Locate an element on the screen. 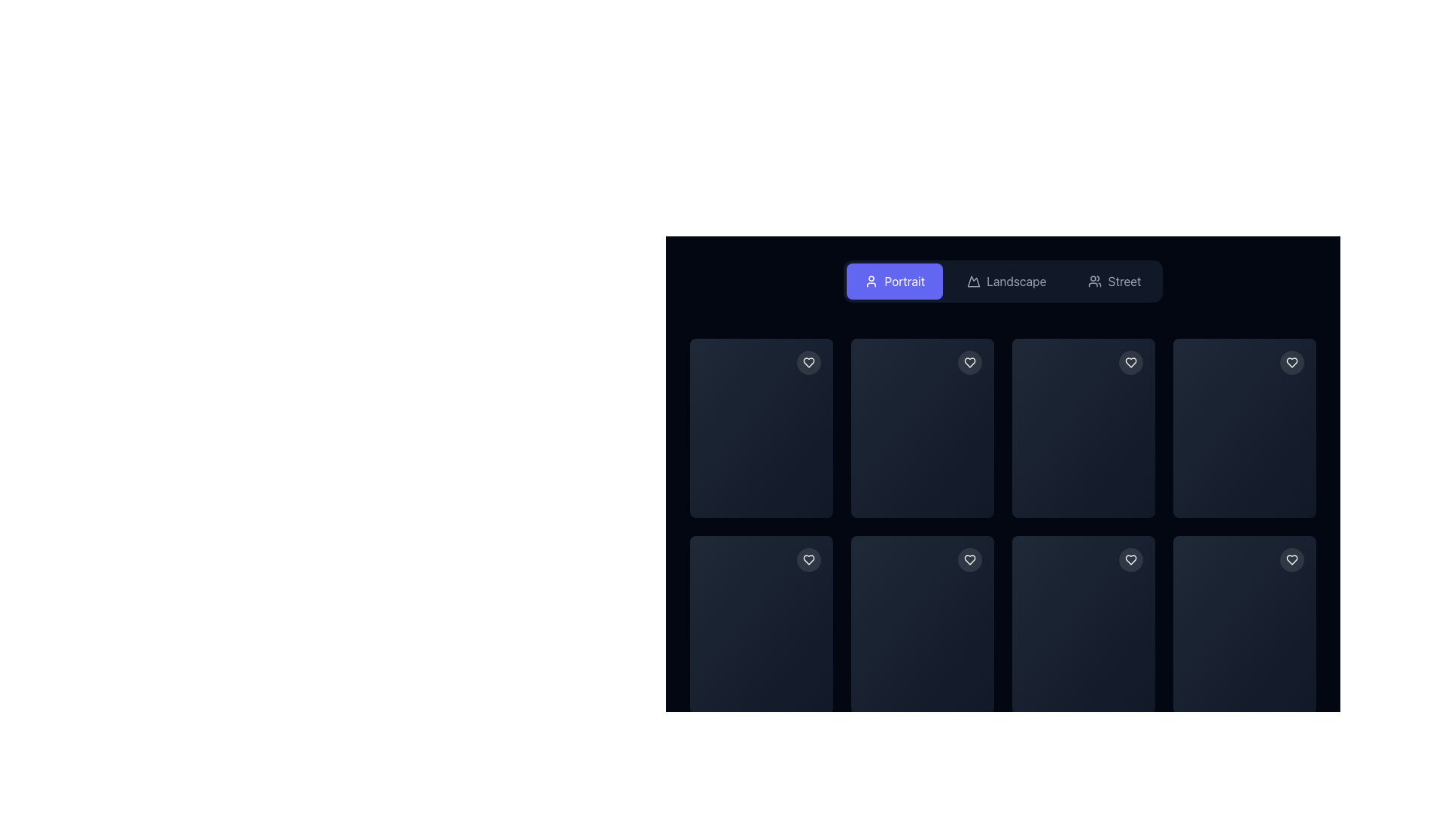 The height and width of the screenshot is (813, 1445). the heart-shaped icon button located in the top-left corner of the grid layout is located at coordinates (808, 363).